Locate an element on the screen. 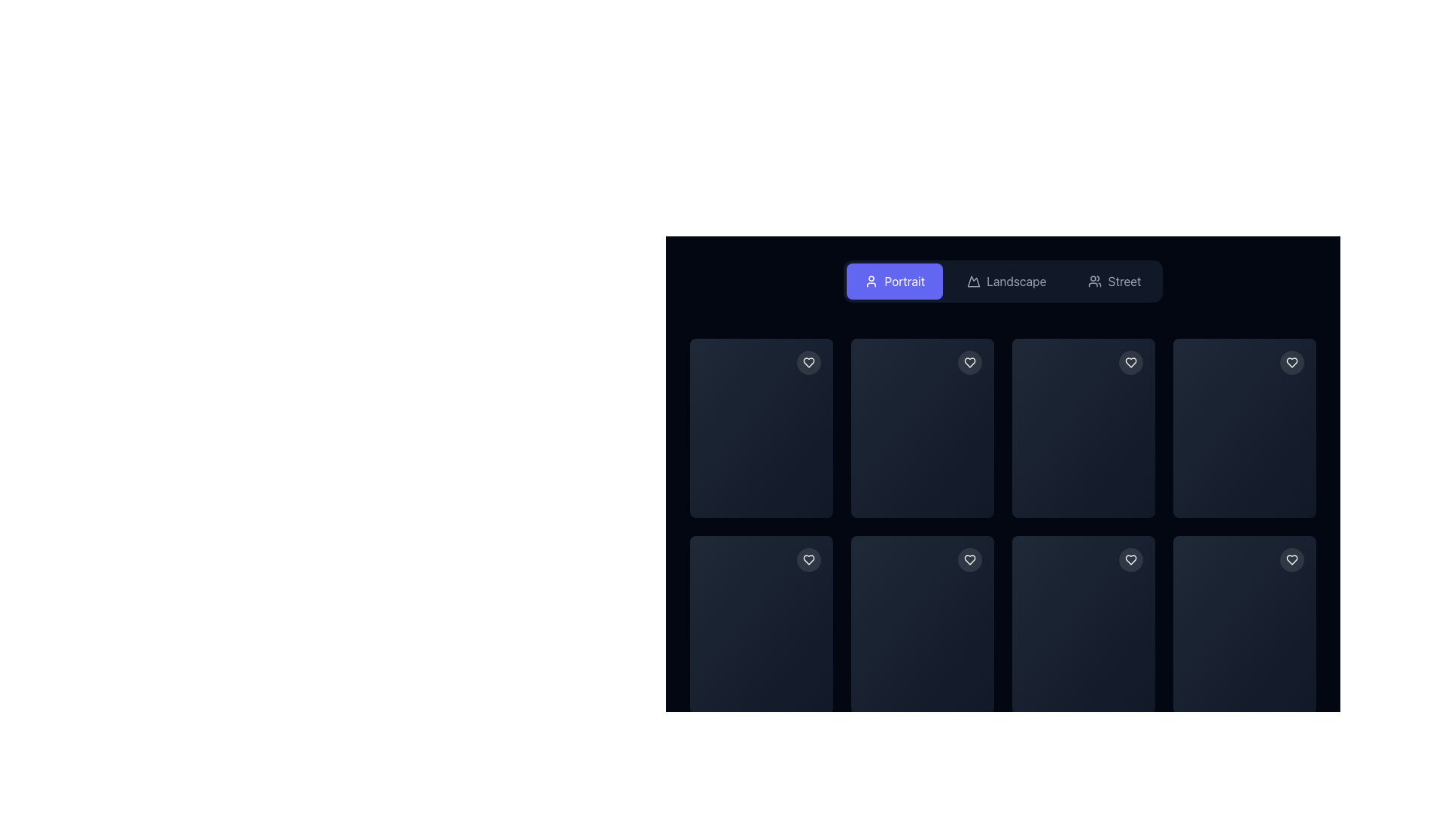 The height and width of the screenshot is (813, 1445). the heart-shaped icon button located in the top-left corner of the grid layout is located at coordinates (808, 363).